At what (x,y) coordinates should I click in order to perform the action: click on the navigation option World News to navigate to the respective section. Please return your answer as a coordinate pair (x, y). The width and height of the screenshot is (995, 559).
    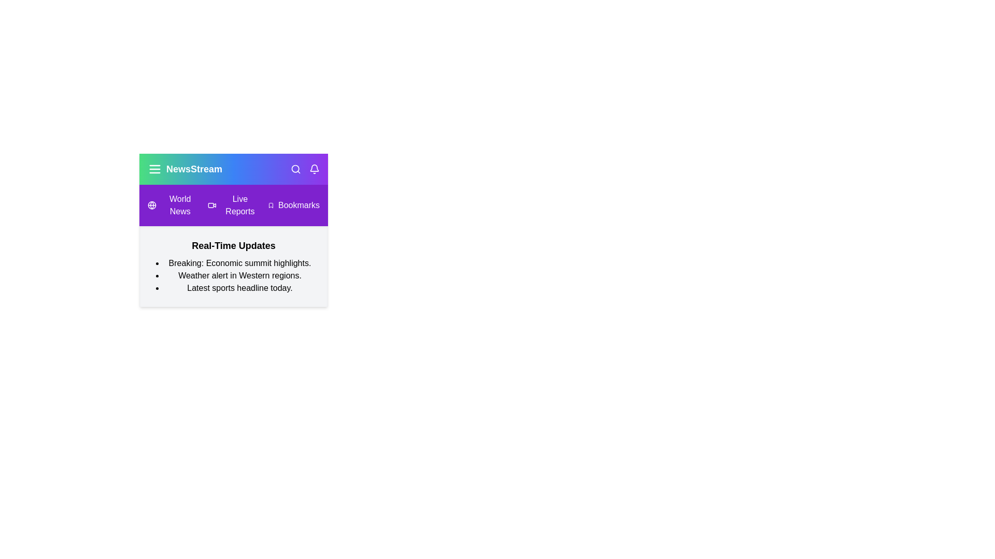
    Looking at the image, I should click on (174, 205).